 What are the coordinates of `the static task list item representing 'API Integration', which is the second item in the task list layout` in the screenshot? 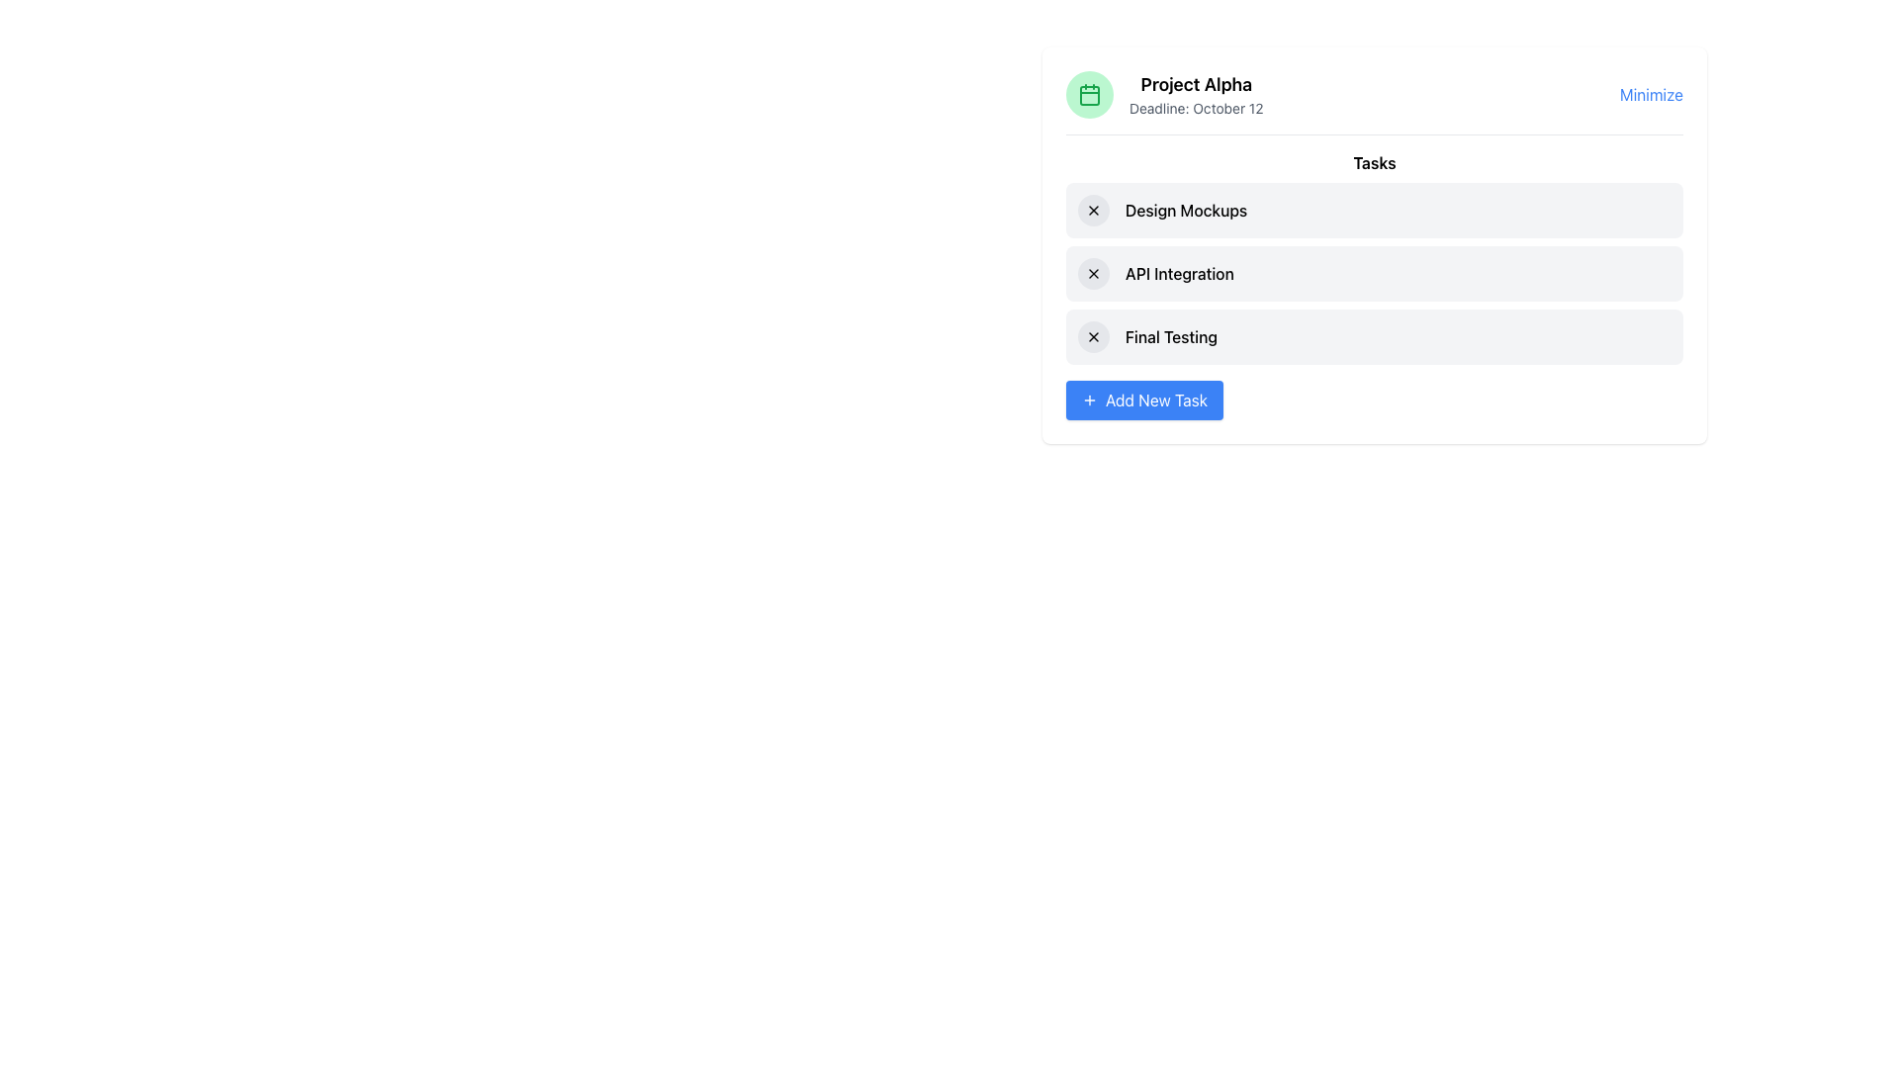 It's located at (1374, 274).